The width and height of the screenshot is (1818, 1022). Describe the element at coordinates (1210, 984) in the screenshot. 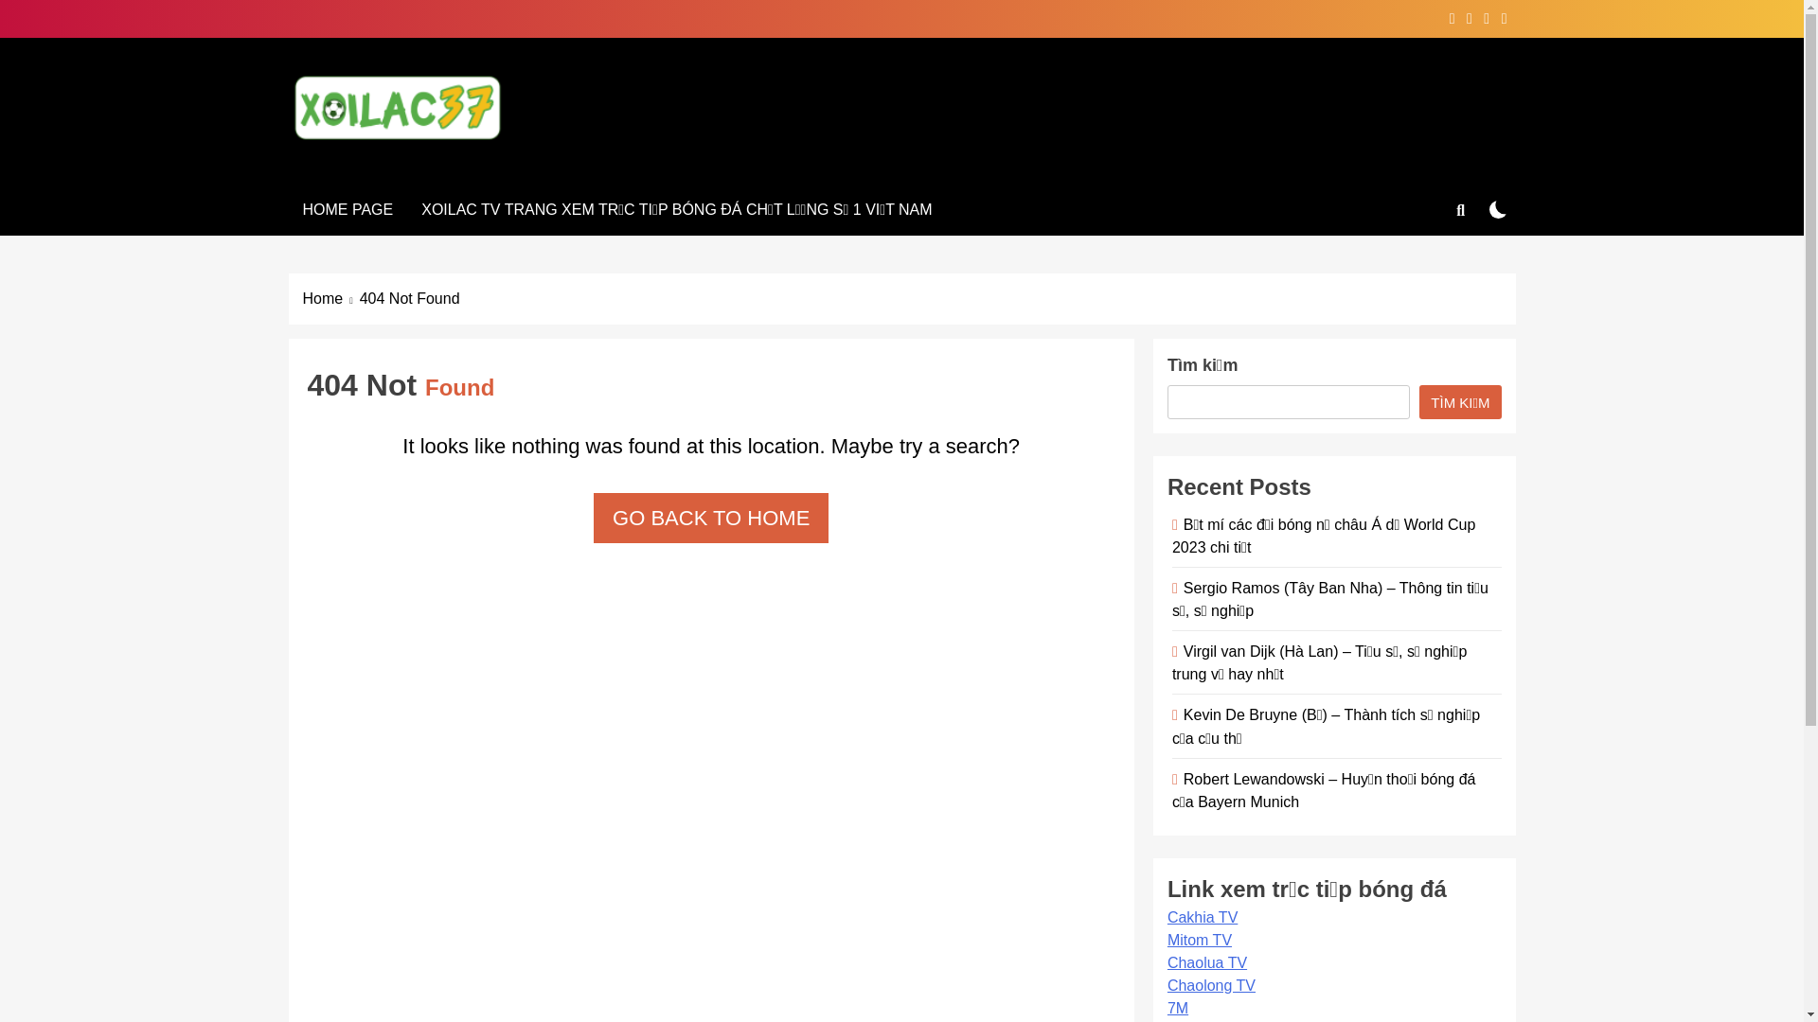

I see `'Chaolong TV'` at that location.